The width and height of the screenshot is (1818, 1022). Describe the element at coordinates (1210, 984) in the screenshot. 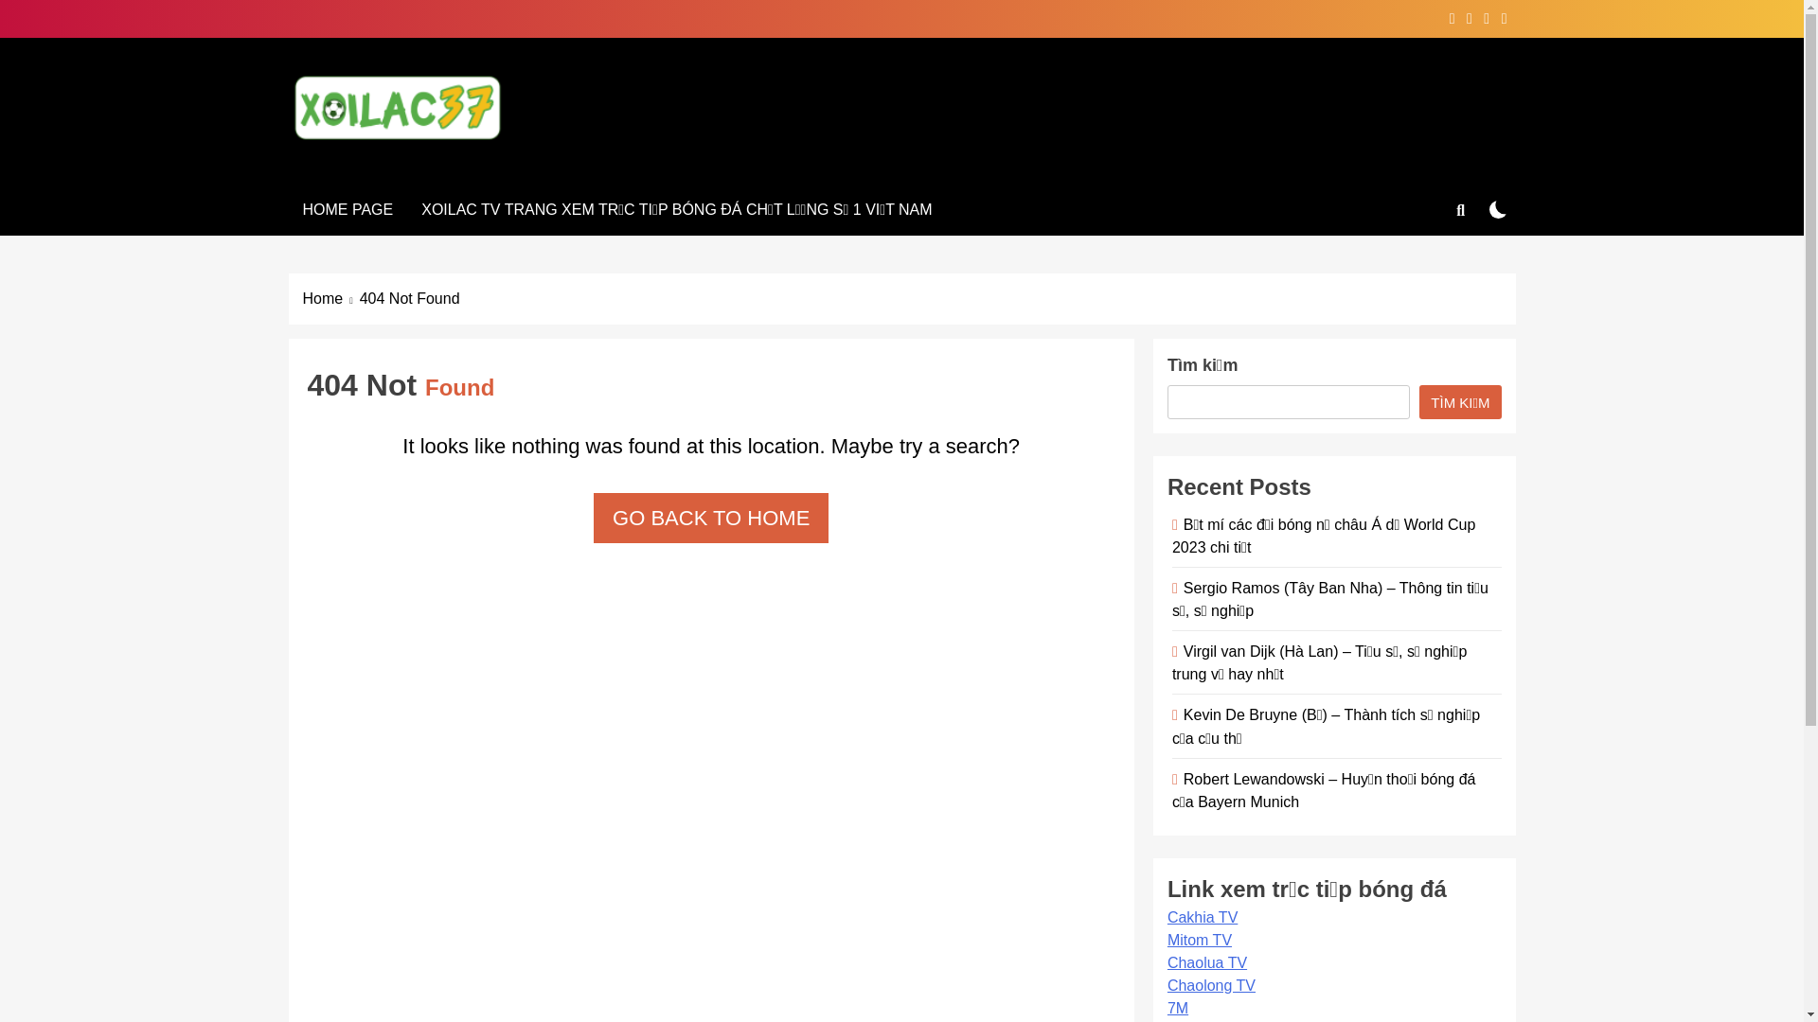

I see `'Chaolong TV'` at that location.